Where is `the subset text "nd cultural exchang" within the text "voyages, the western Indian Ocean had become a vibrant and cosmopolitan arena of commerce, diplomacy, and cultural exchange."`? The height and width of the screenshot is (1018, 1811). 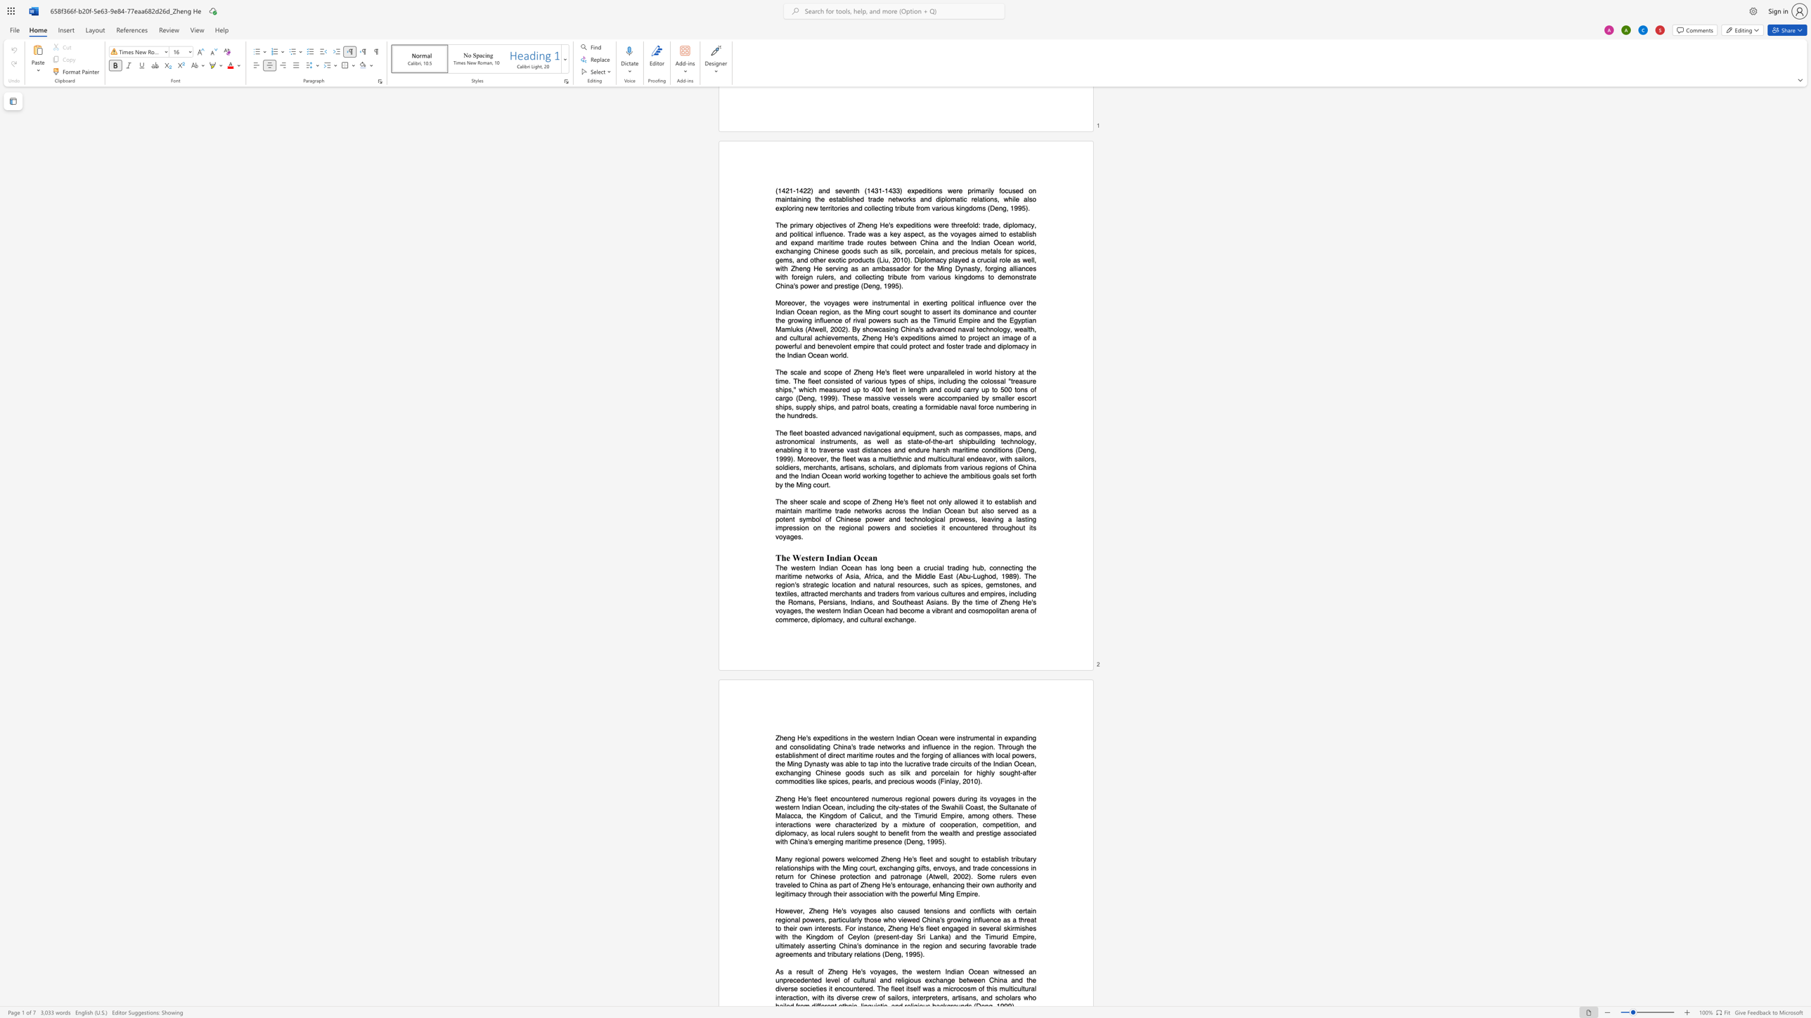
the subset text "nd cultural exchang" within the text "voyages, the western Indian Ocean had become a vibrant and cosmopolitan arena of commerce, diplomacy, and cultural exchange." is located at coordinates (851, 619).